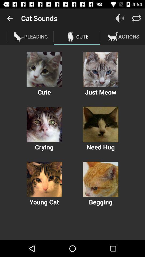  Describe the element at coordinates (136, 18) in the screenshot. I see `settings` at that location.